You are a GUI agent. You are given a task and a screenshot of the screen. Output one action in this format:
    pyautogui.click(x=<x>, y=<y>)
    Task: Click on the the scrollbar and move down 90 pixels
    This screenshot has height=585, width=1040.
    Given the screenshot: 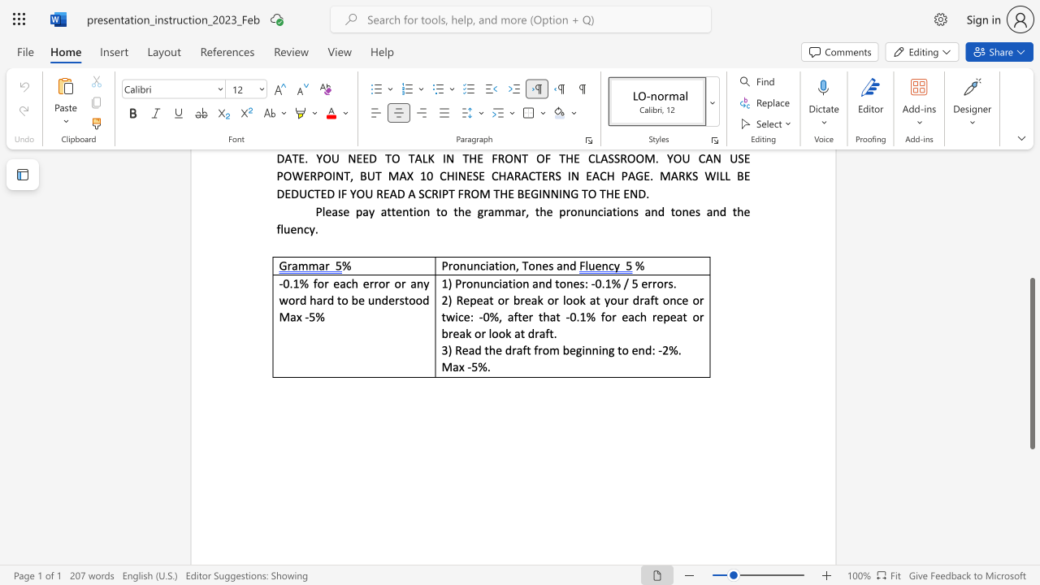 What is the action you would take?
    pyautogui.click(x=1031, y=362)
    